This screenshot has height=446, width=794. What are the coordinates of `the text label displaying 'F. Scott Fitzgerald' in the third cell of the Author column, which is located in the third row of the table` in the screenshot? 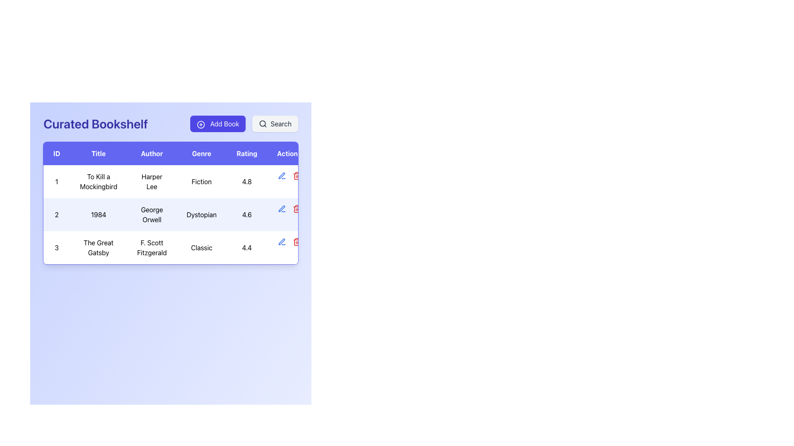 It's located at (152, 247).